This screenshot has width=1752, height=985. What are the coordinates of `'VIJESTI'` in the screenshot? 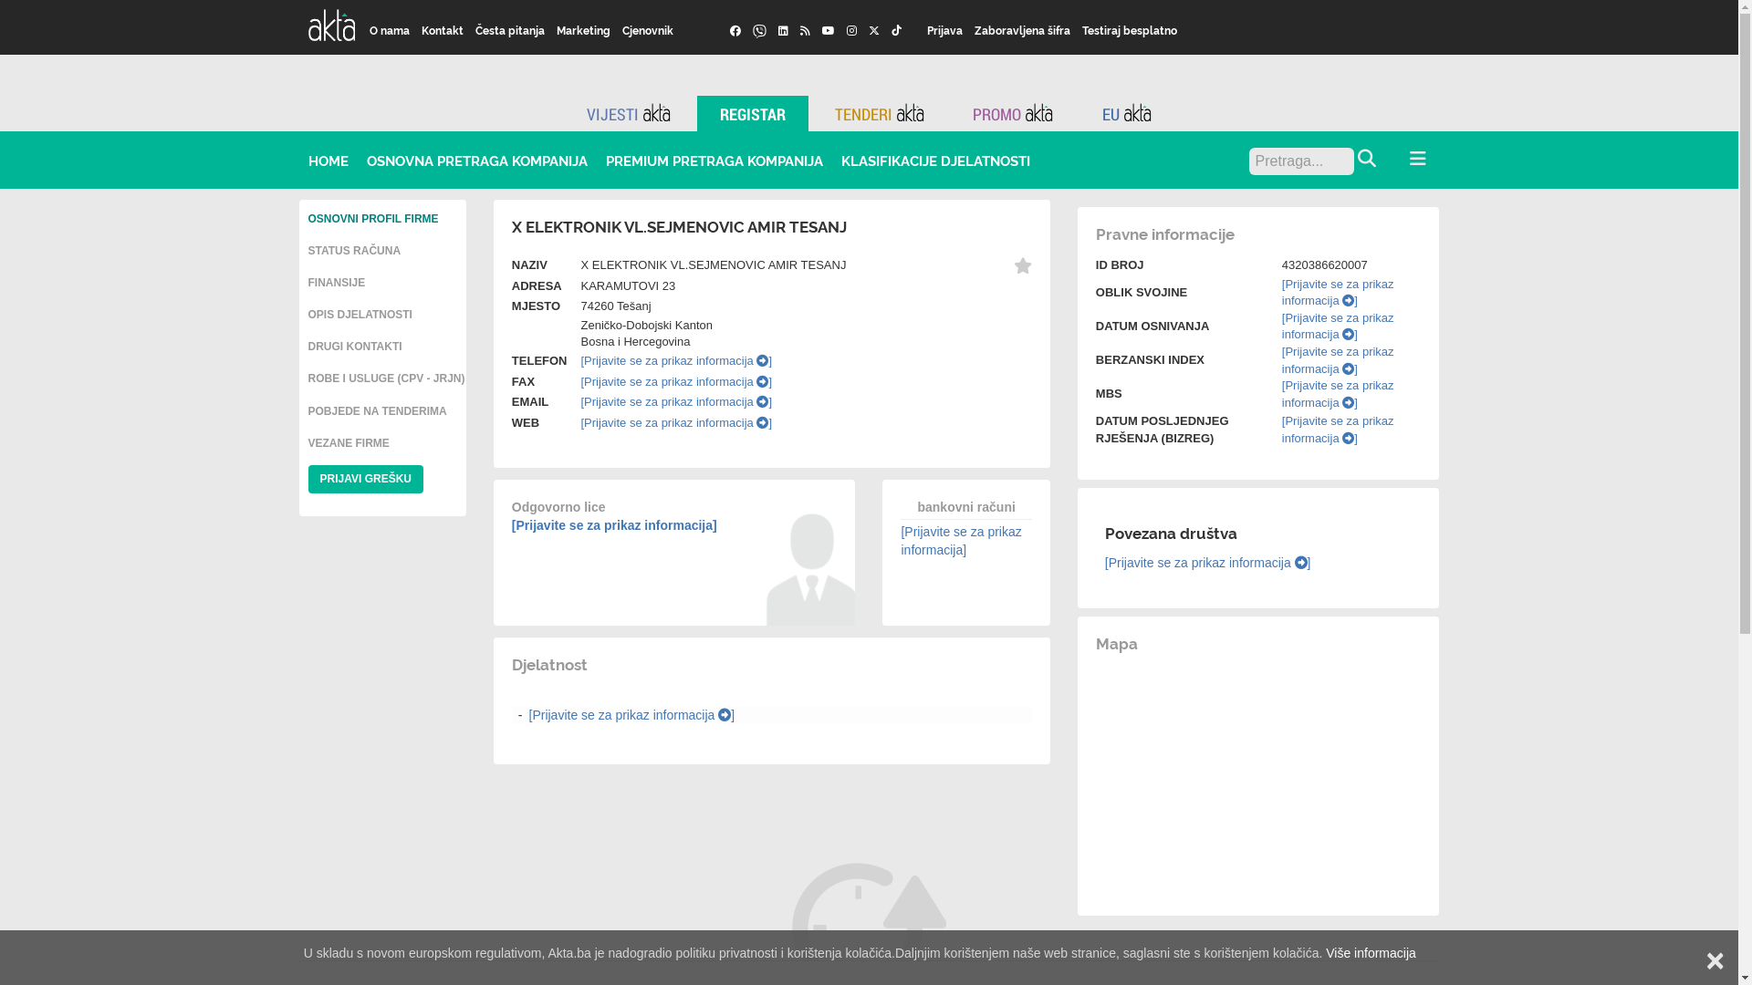 It's located at (629, 113).